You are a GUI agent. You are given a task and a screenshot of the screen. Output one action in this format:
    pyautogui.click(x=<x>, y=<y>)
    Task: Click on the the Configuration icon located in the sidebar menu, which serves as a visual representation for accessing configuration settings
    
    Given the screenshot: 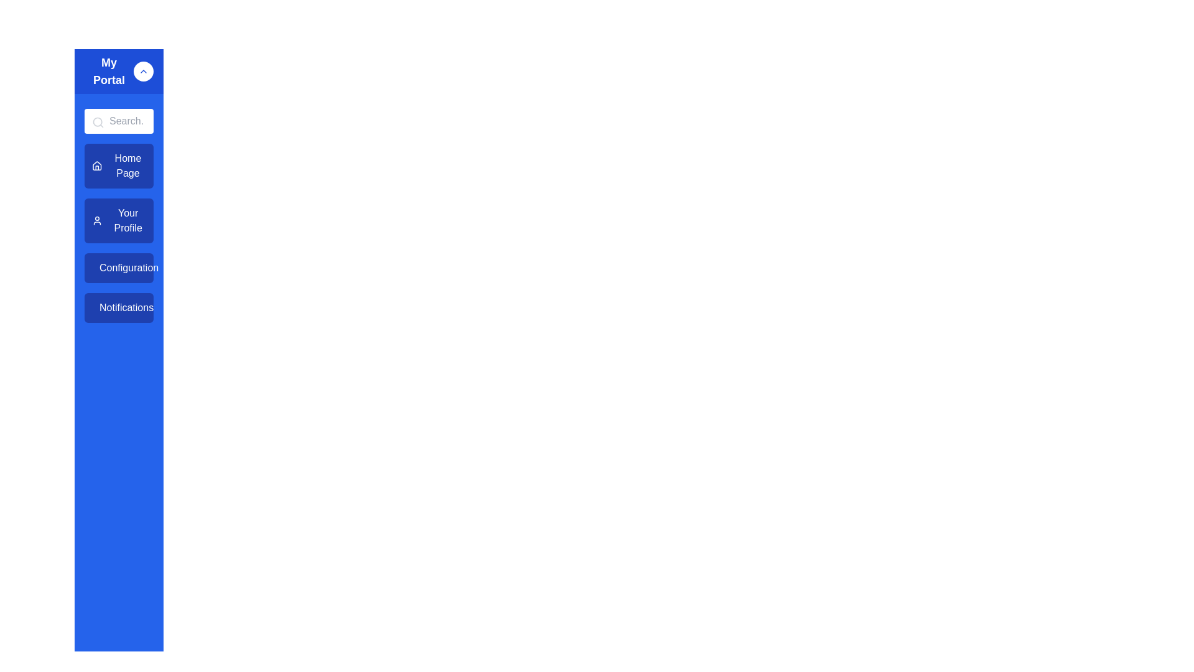 What is the action you would take?
    pyautogui.click(x=98, y=268)
    